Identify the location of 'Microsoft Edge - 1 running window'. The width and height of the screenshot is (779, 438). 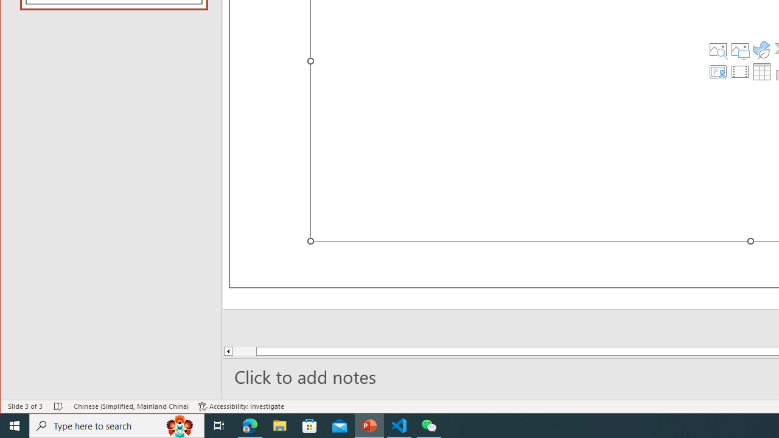
(250, 425).